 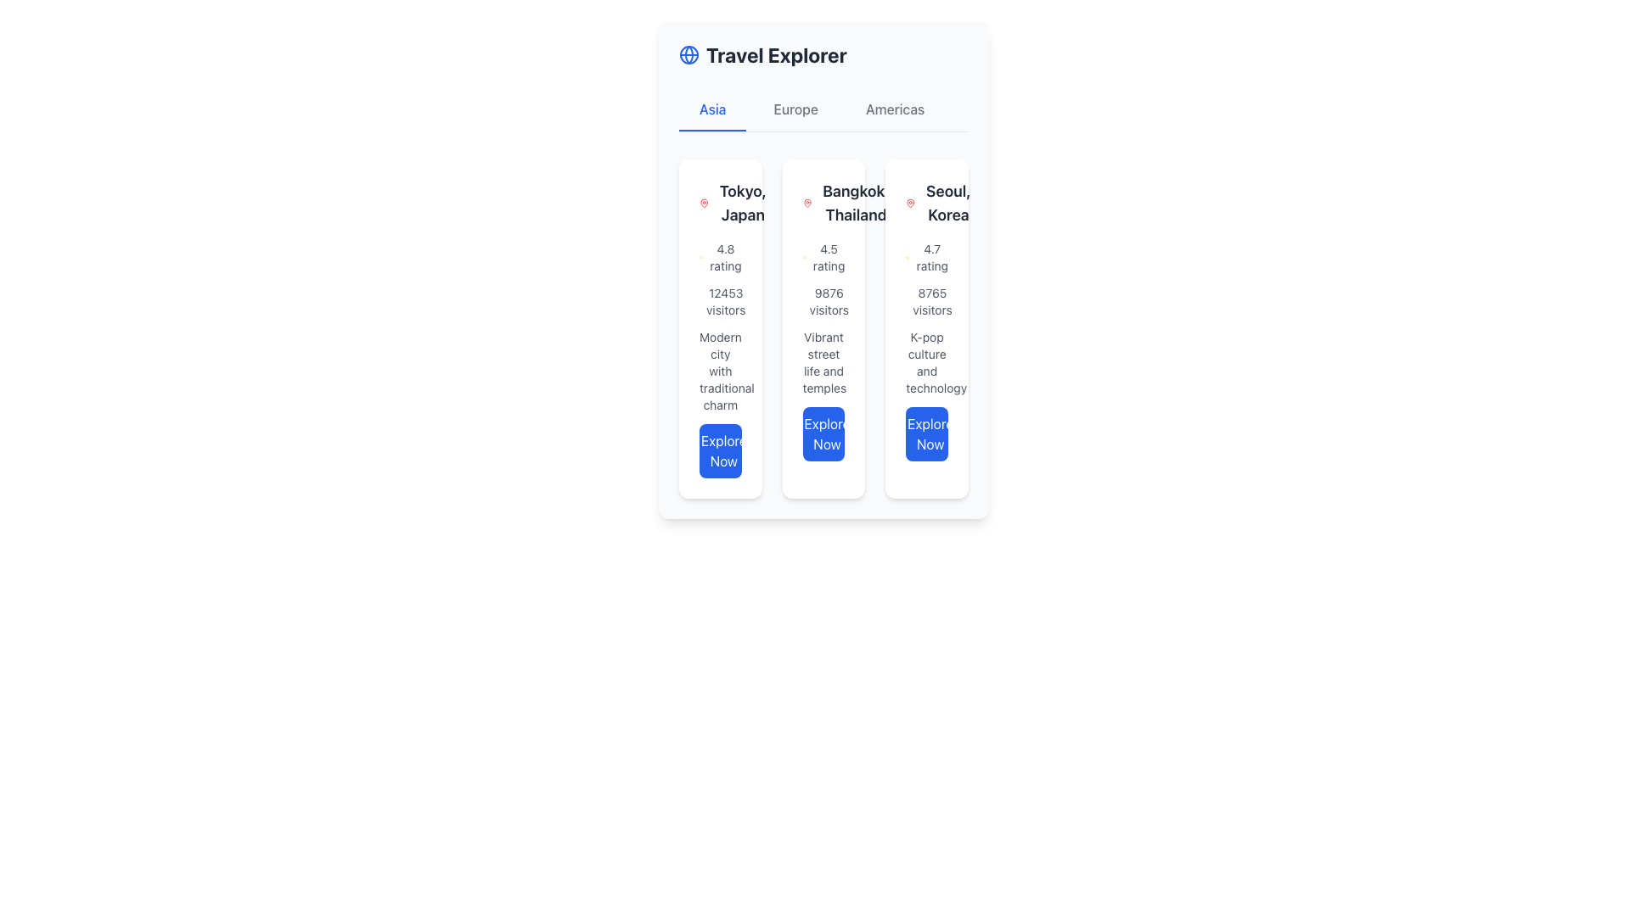 I want to click on displayed information from the text display showing '12453 visitors' with a preceding green group icon, located under 'Tokyo, Japan' and above the description 'Modern city with traditional charm.', so click(x=720, y=300).